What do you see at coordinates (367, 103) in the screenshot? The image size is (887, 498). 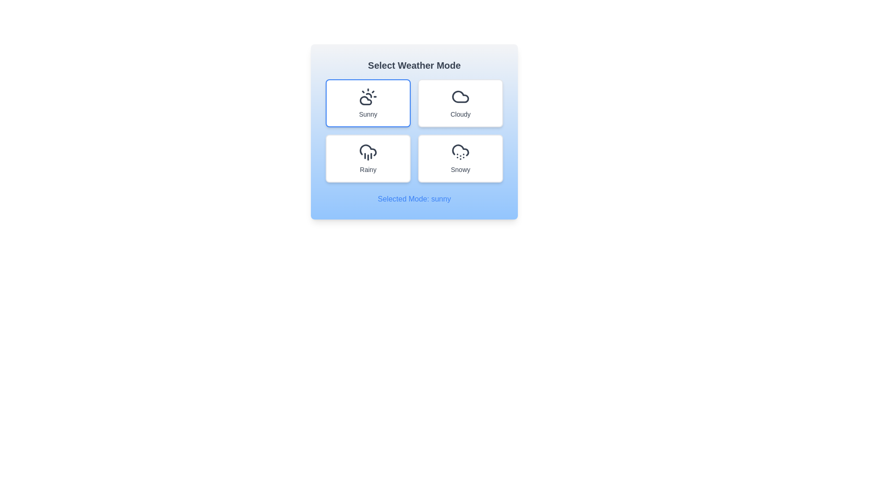 I see `the weather mode sunny by clicking on the corresponding button` at bounding box center [367, 103].